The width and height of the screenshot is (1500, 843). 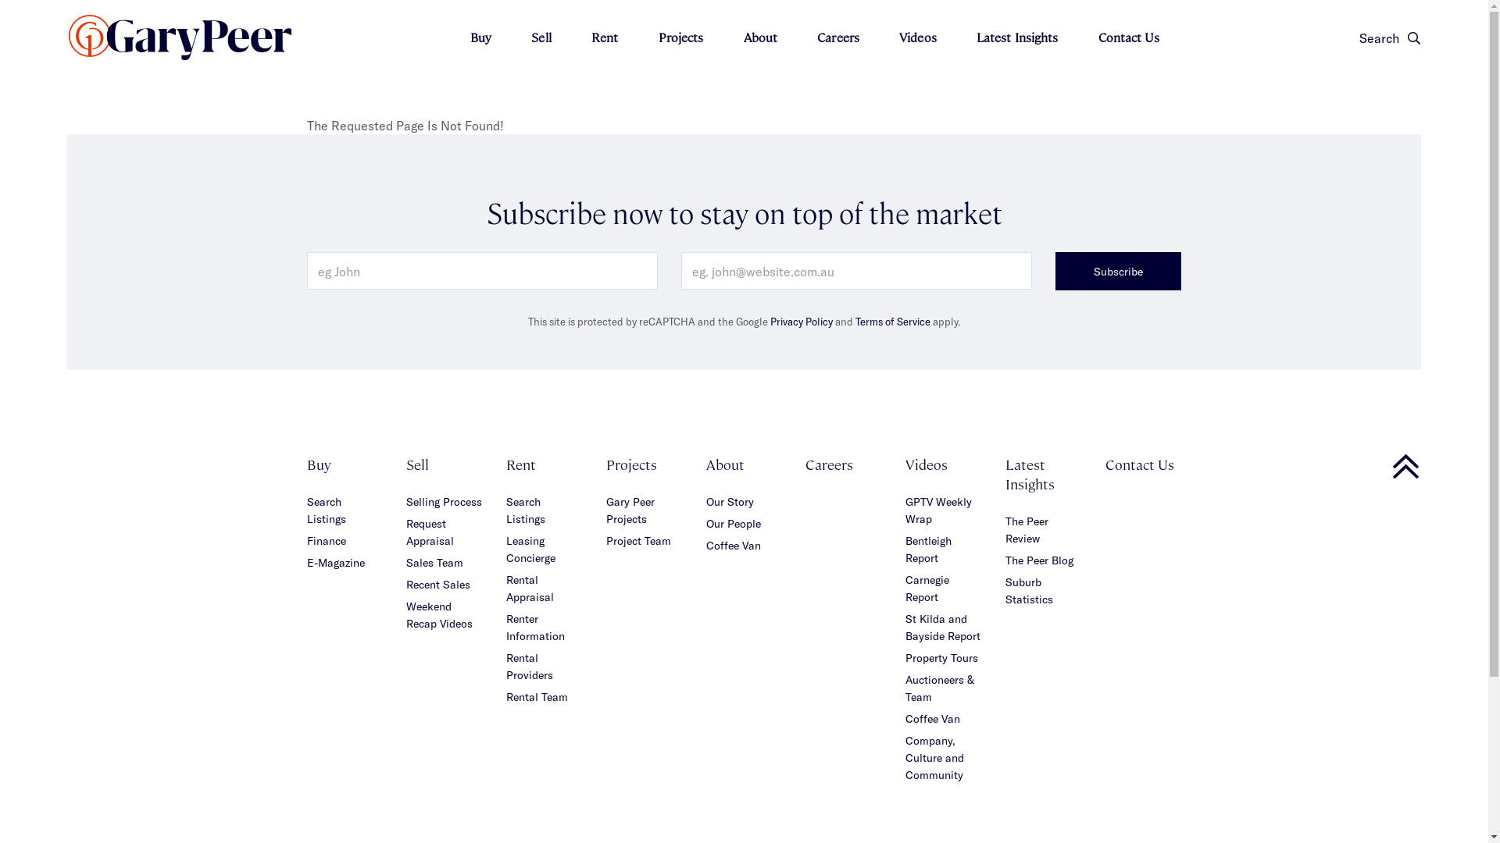 I want to click on 'Coffee Van', so click(x=733, y=544).